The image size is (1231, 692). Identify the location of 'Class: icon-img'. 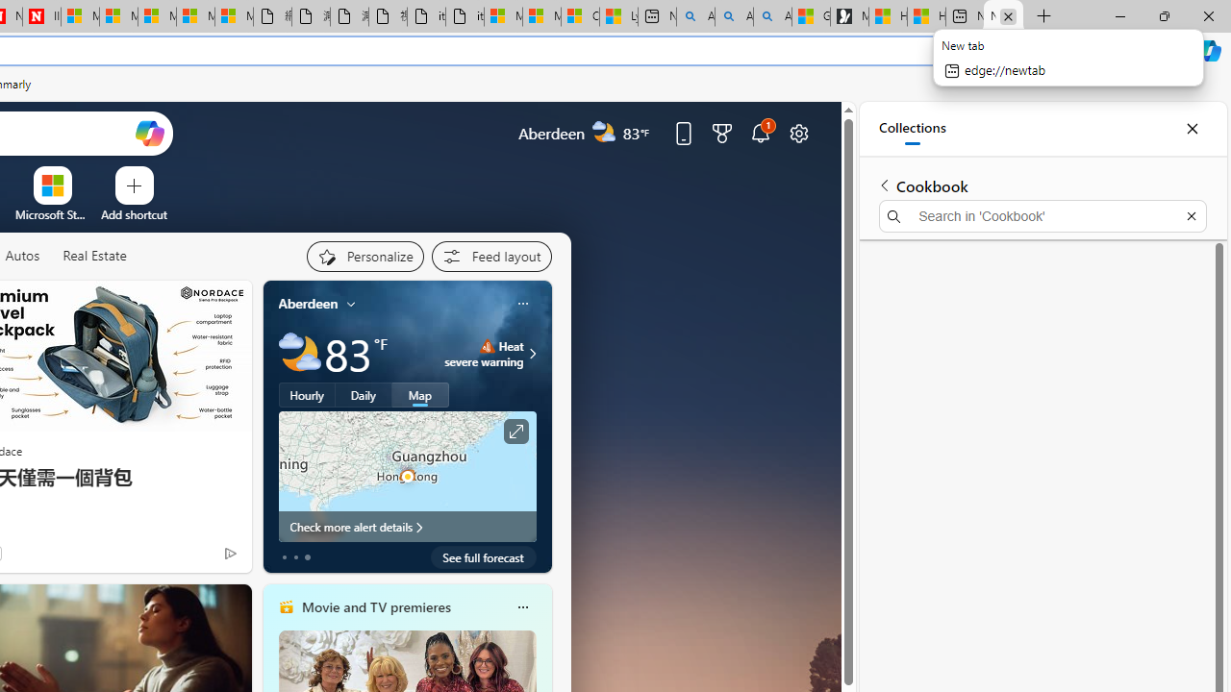
(522, 607).